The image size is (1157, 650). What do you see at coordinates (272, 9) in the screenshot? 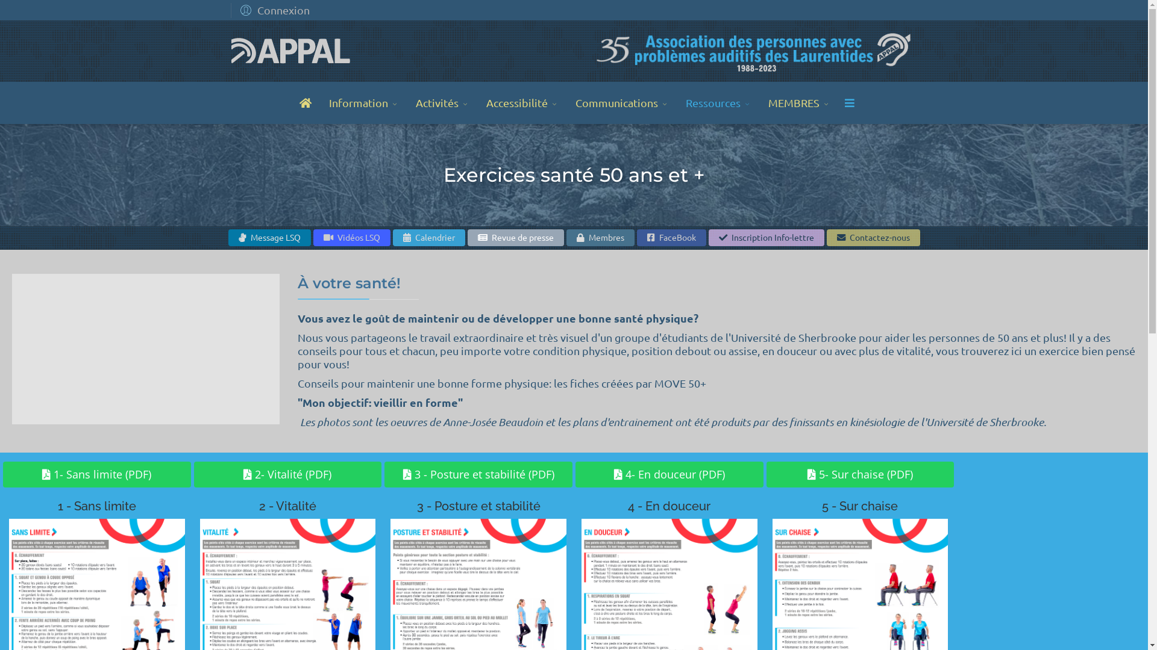
I see `'Connexion'` at bounding box center [272, 9].